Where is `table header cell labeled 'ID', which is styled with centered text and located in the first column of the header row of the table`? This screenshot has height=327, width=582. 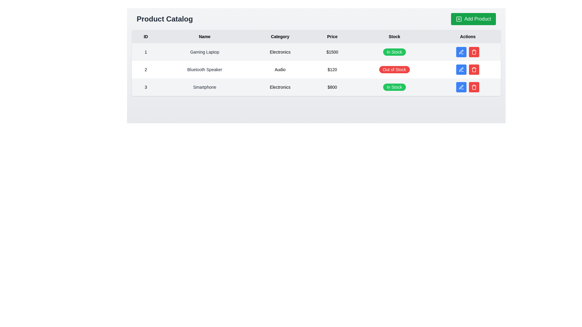 table header cell labeled 'ID', which is styled with centered text and located in the first column of the header row of the table is located at coordinates (146, 36).